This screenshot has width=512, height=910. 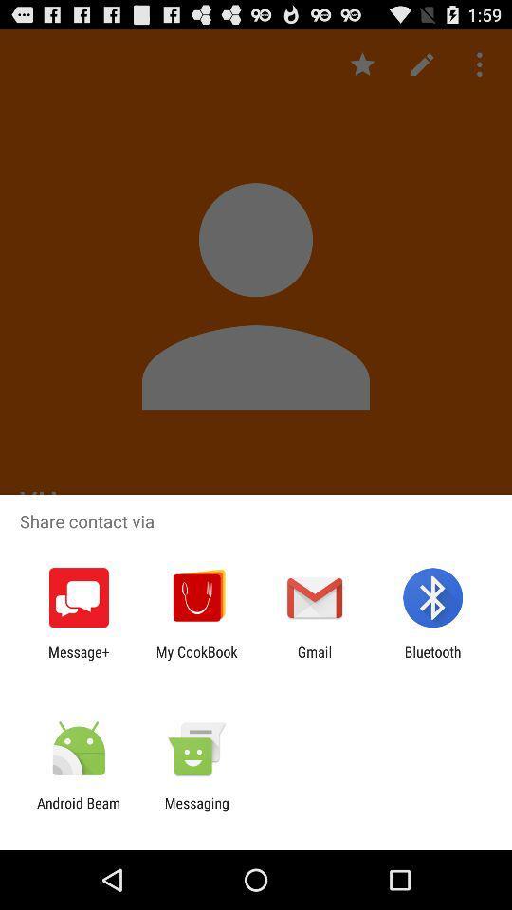 I want to click on the my cookbook icon, so click(x=195, y=660).